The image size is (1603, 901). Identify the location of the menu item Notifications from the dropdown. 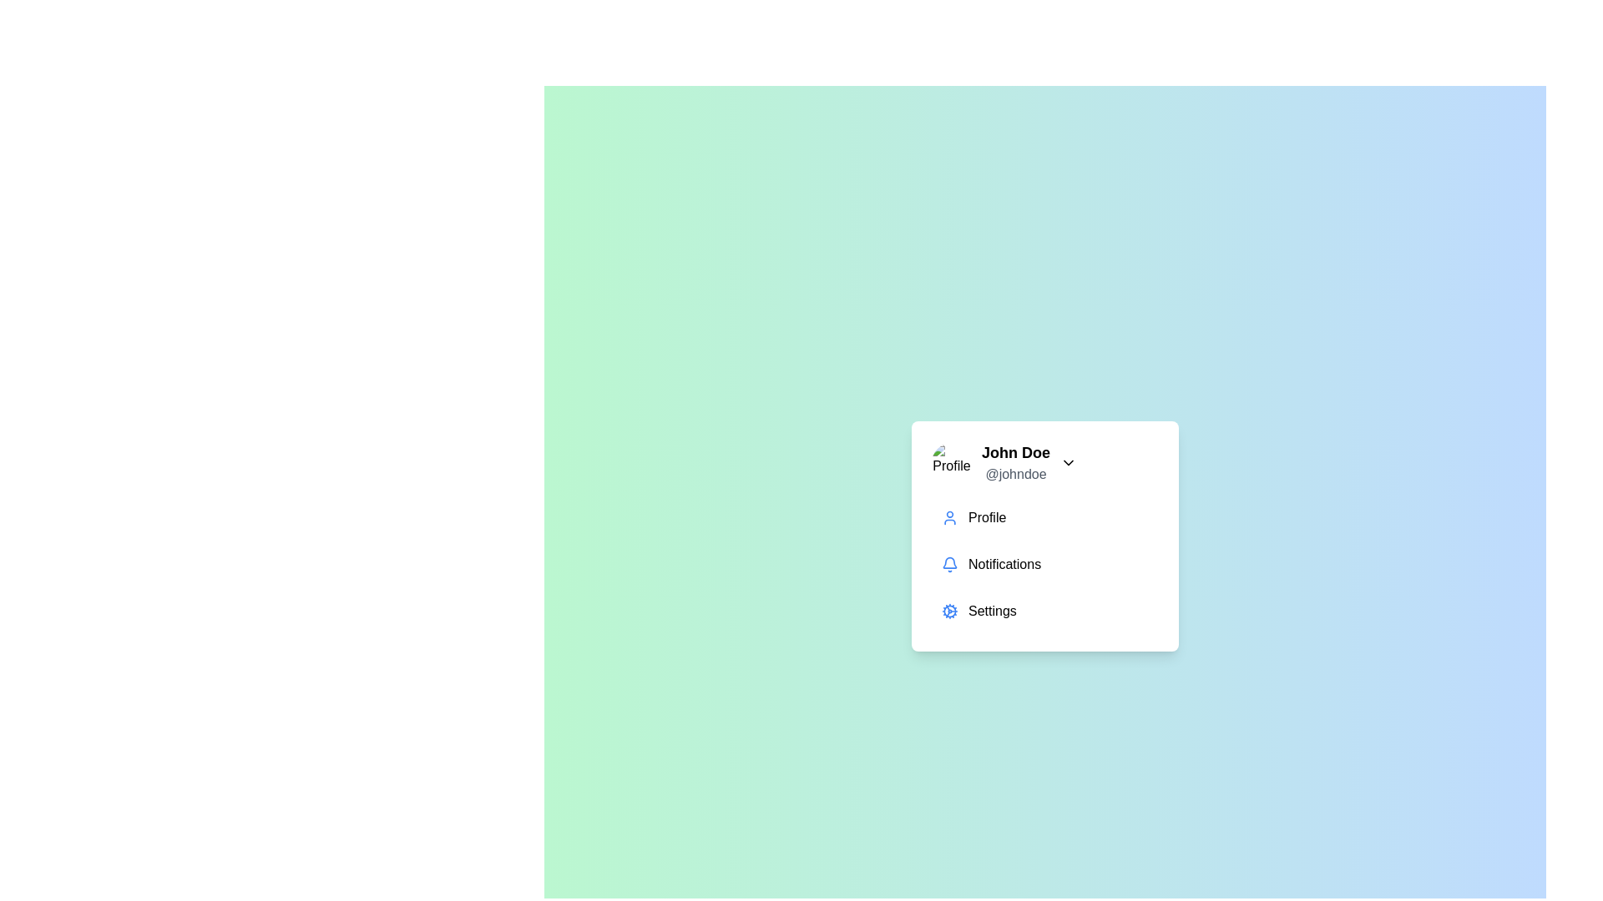
(1044, 564).